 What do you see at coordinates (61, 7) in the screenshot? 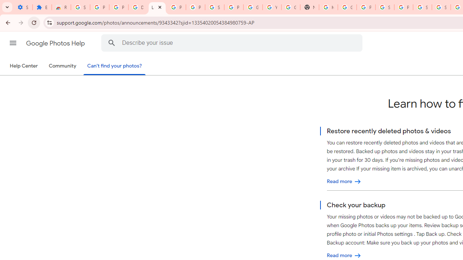
I see `'Reviews: Helix Fruit Jump Arcade Game'` at bounding box center [61, 7].